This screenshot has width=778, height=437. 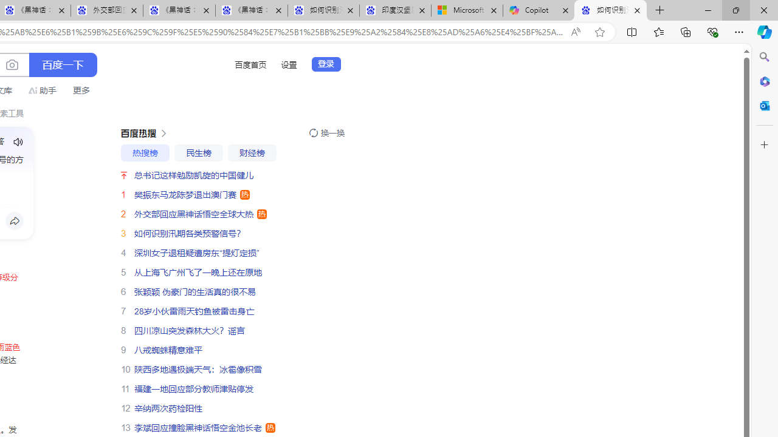 I want to click on 'Split screen', so click(x=632, y=31).